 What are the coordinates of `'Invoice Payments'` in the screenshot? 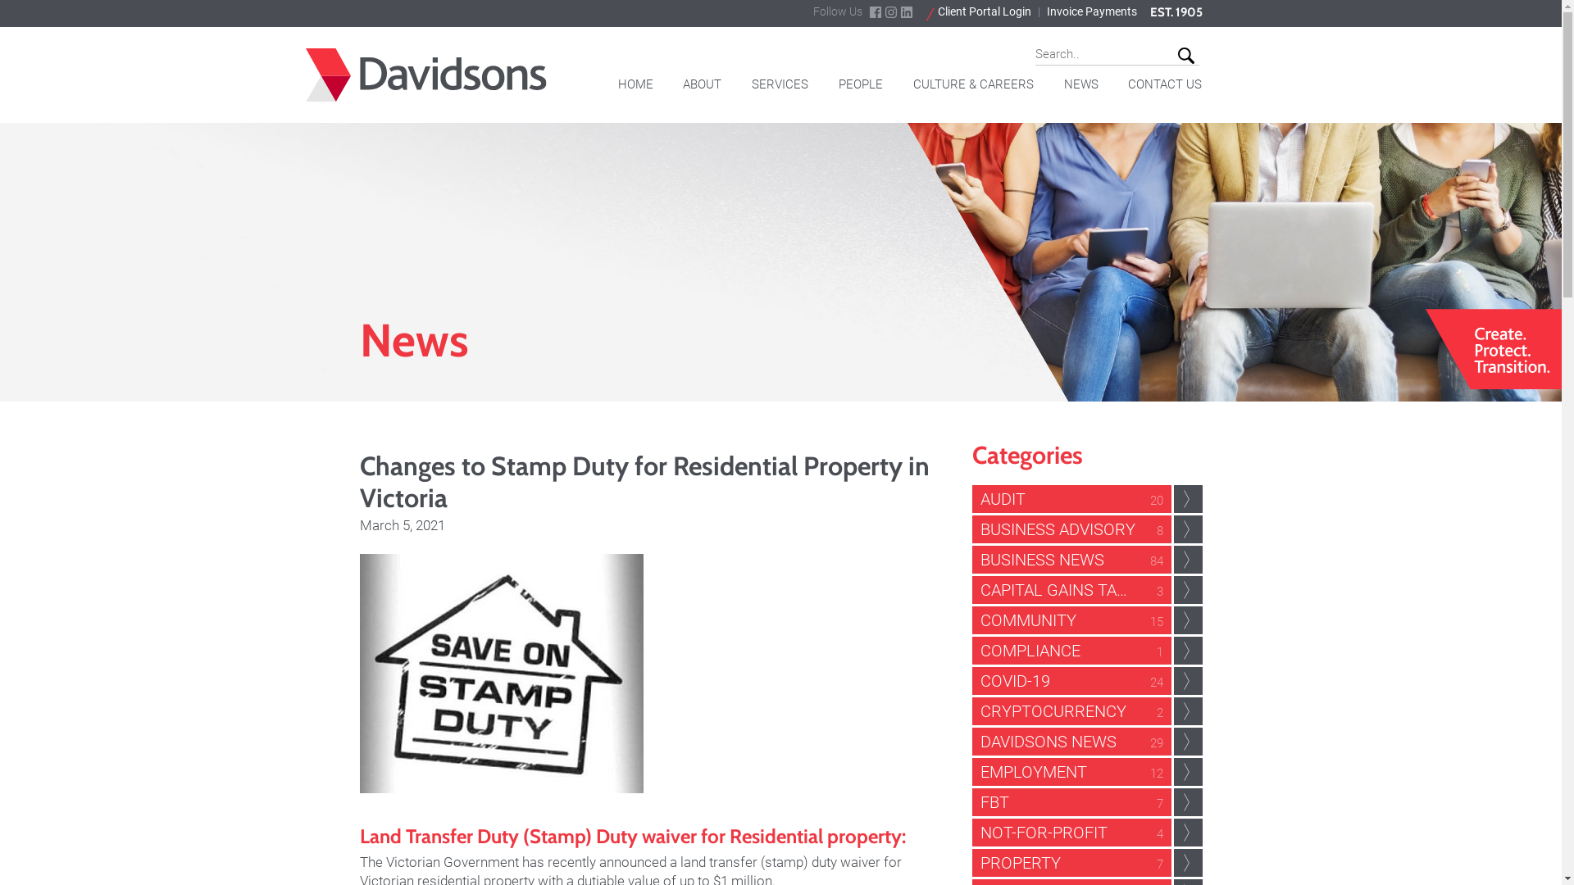 It's located at (1090, 11).